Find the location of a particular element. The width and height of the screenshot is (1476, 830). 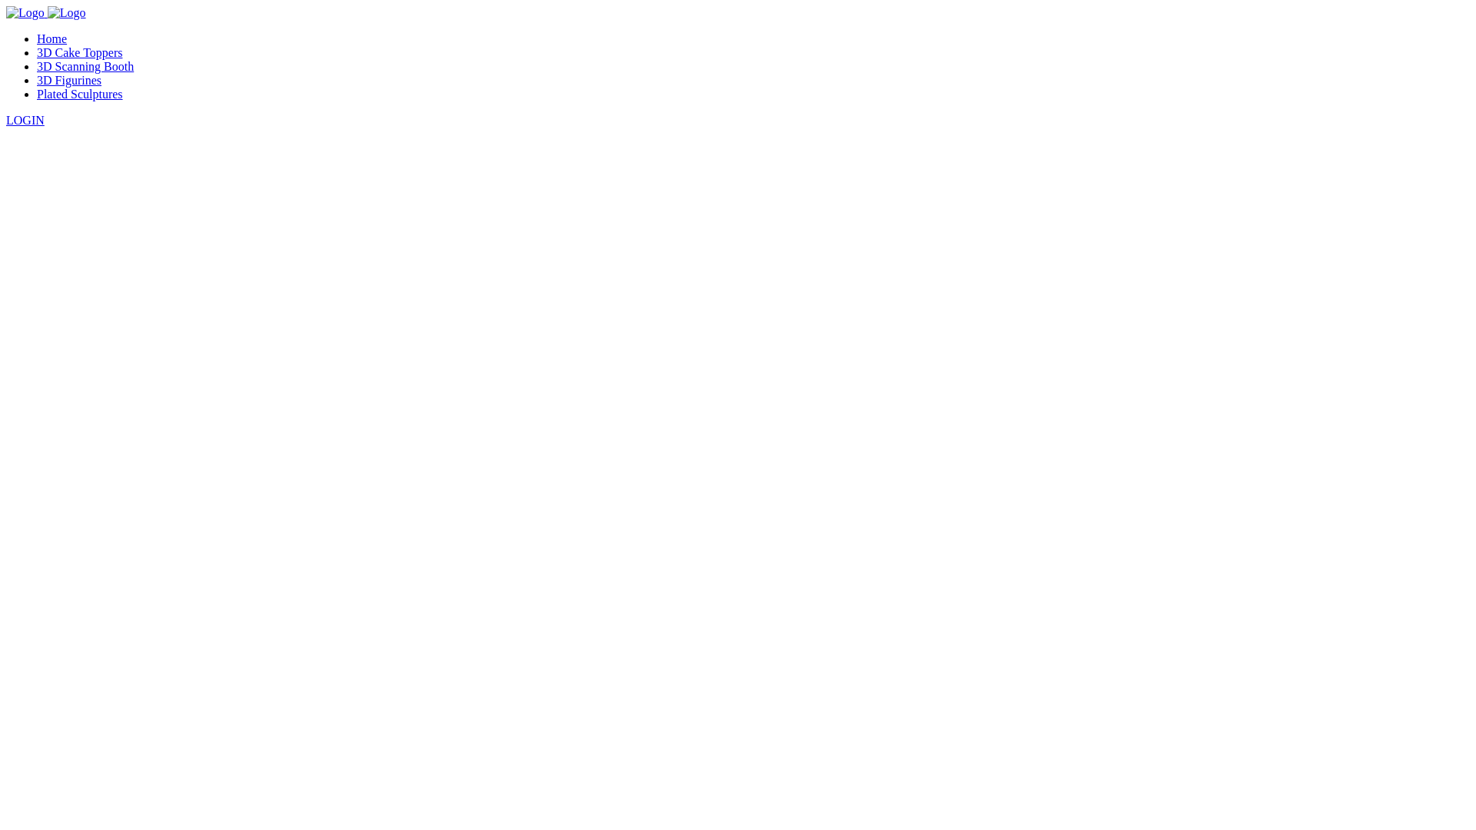

'3D Avatar Text' is located at coordinates (65, 12).